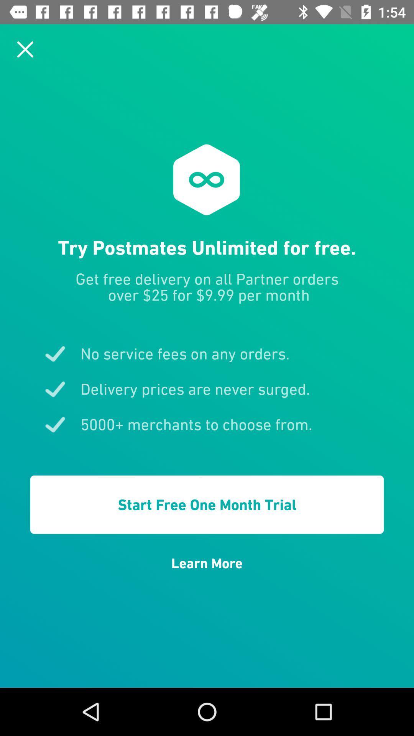 The width and height of the screenshot is (414, 736). What do you see at coordinates (25, 49) in the screenshot?
I see `icon` at bounding box center [25, 49].